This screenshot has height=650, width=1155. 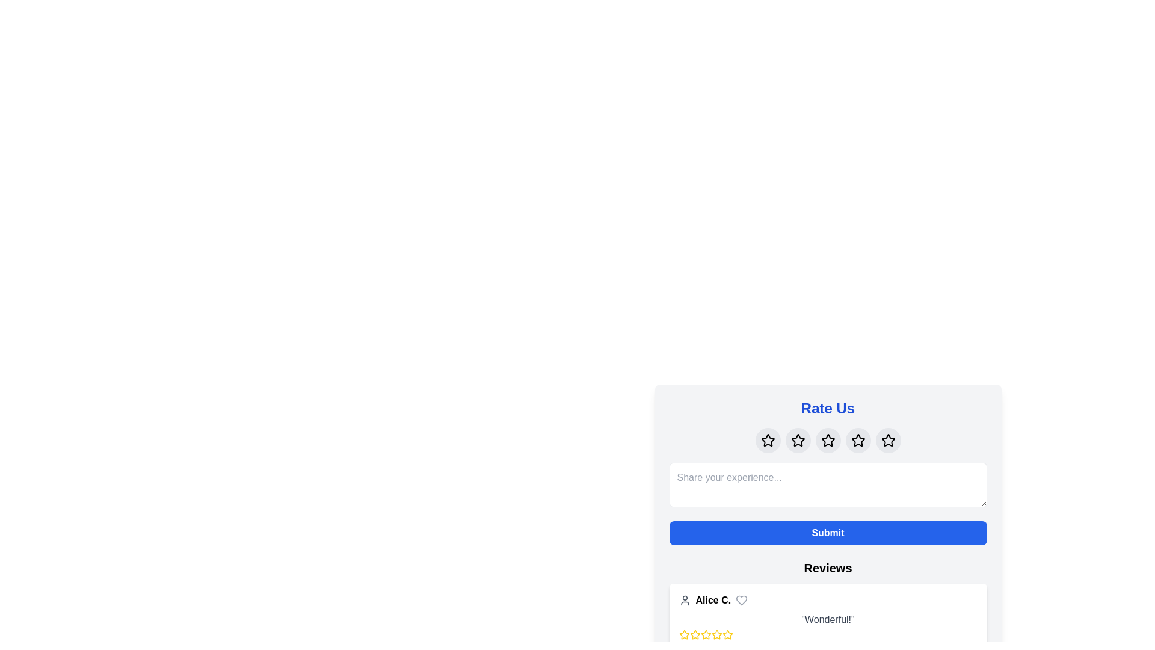 What do you see at coordinates (706, 634) in the screenshot?
I see `the fourth star icon in the rating sequence to modify the user's rating` at bounding box center [706, 634].